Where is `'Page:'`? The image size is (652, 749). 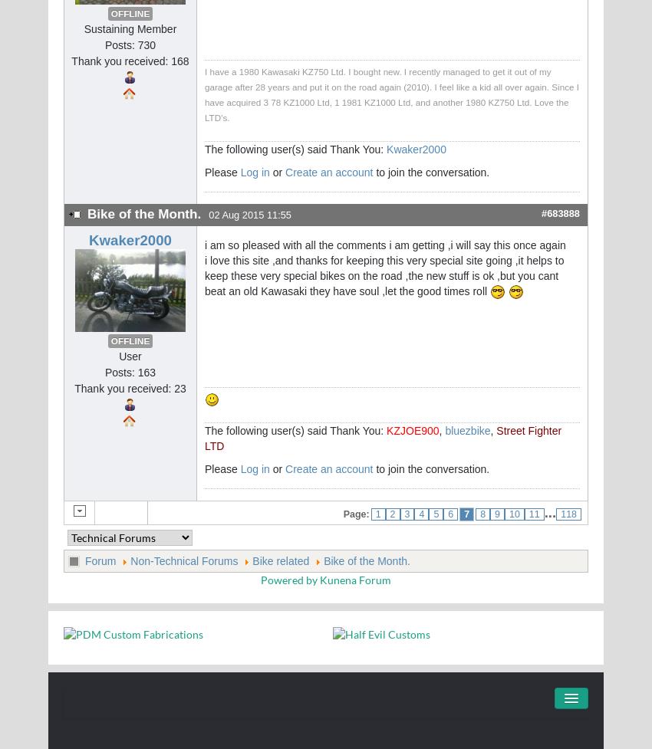 'Page:' is located at coordinates (355, 514).